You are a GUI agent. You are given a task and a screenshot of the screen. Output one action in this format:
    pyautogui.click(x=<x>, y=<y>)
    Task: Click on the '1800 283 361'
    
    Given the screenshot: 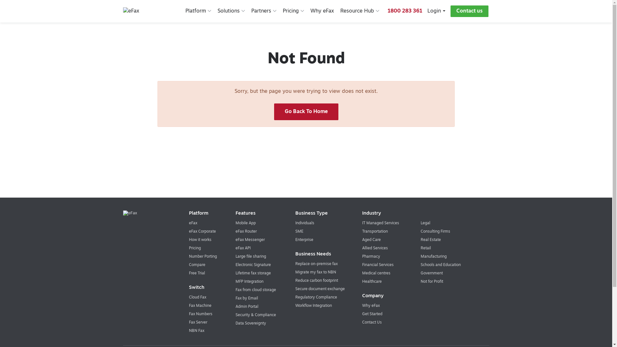 What is the action you would take?
    pyautogui.click(x=387, y=11)
    